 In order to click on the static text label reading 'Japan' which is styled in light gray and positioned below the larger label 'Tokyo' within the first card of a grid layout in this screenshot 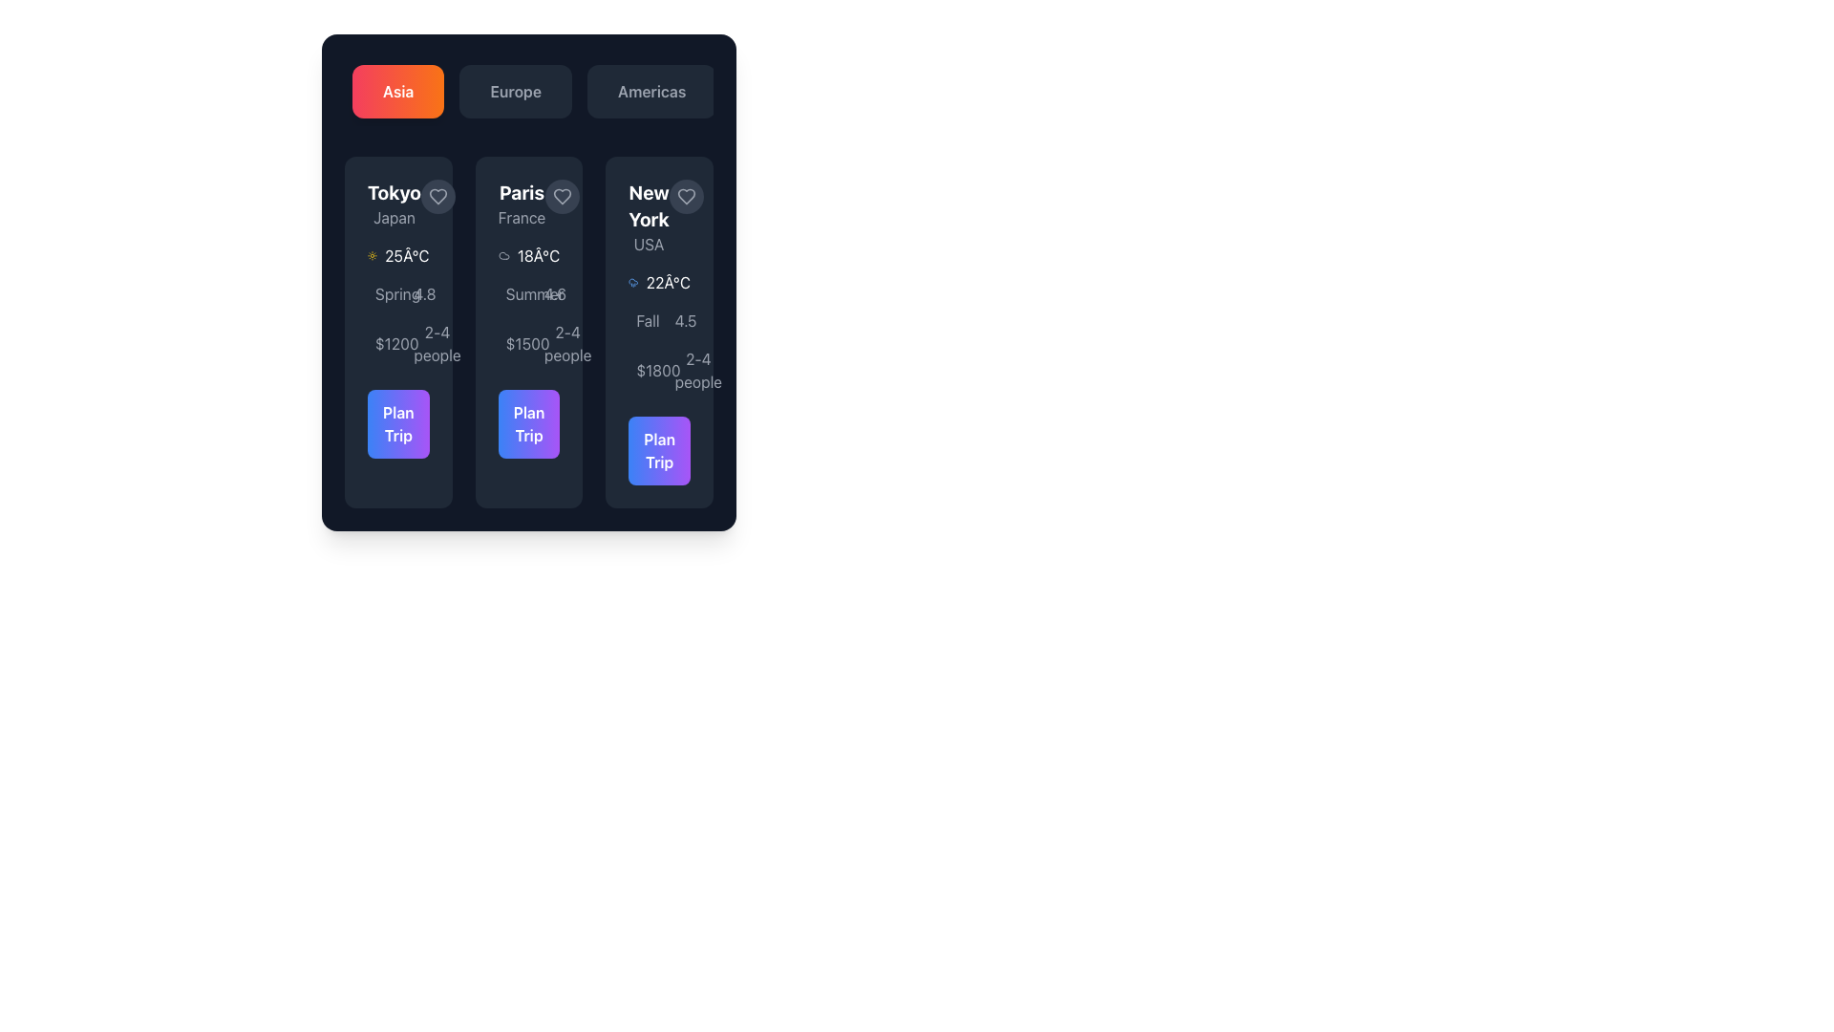, I will do `click(393, 216)`.